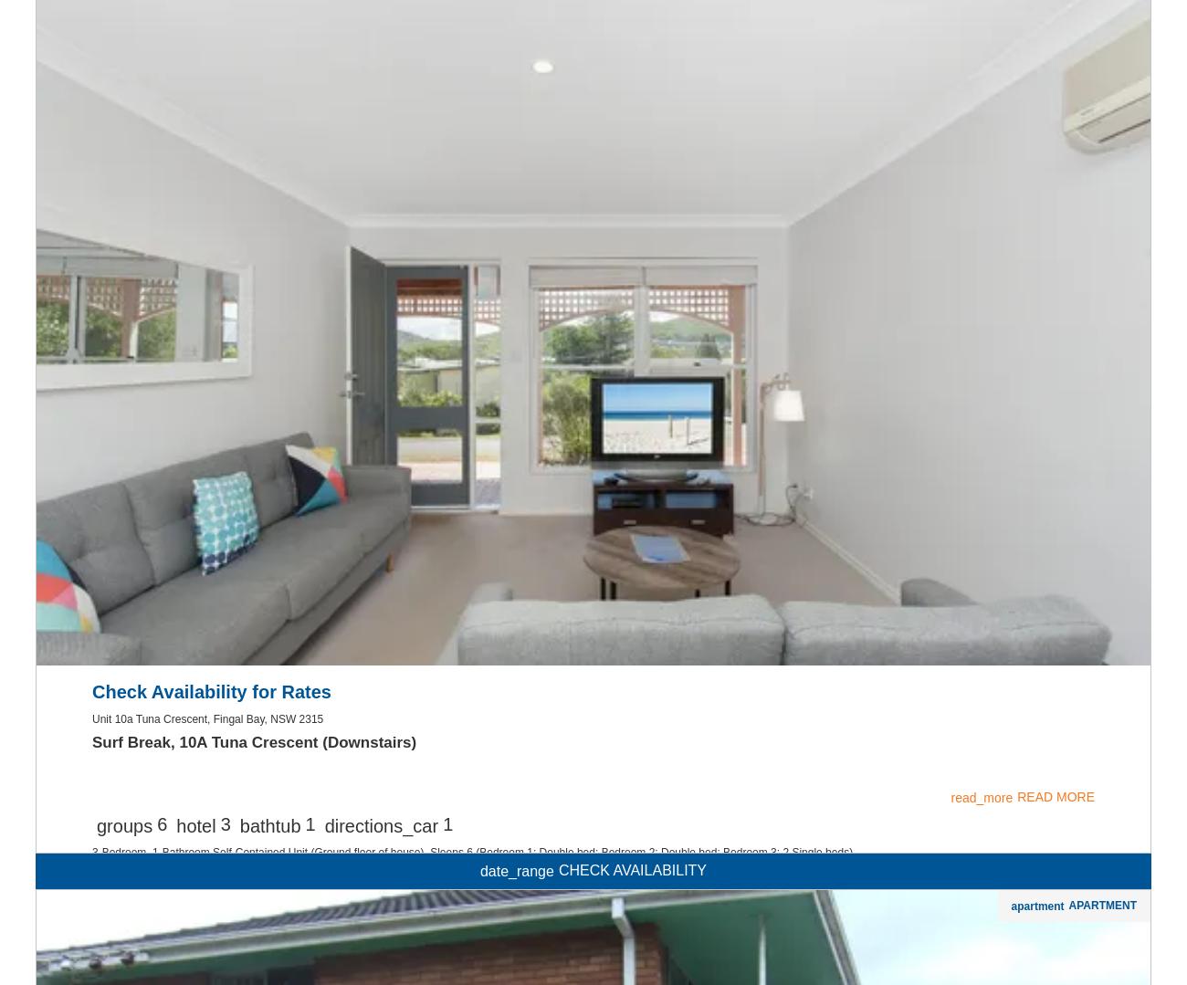 The width and height of the screenshot is (1187, 985). I want to click on 'Luskin Lodge, Unit 15/29 Weatherly Close', so click(244, 24).